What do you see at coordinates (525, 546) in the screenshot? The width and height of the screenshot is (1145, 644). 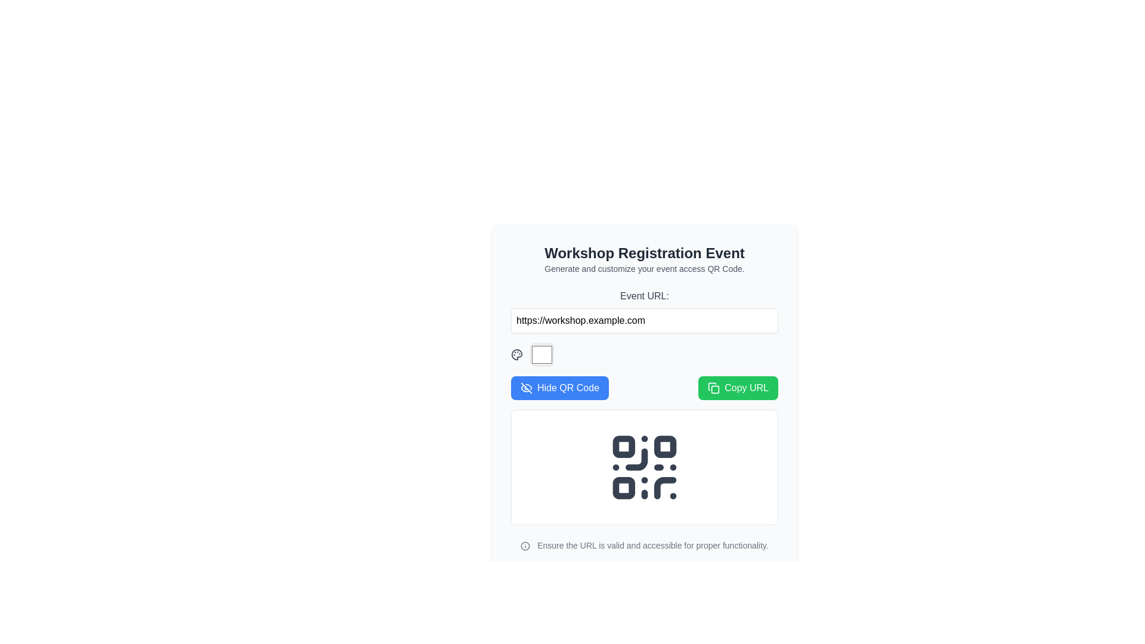 I see `the contextual help icon located to the left of the message 'Ensure the URL is valid and accessible for proper functionality.'` at bounding box center [525, 546].